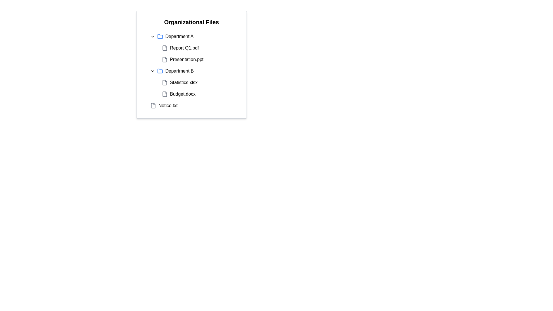 Image resolution: width=553 pixels, height=311 pixels. What do you see at coordinates (164, 94) in the screenshot?
I see `the document icon, which is a minimalist gray outline of a rectangular sheet of paper with a folded corner, located to the left of 'Budget.docx' in the file list` at bounding box center [164, 94].